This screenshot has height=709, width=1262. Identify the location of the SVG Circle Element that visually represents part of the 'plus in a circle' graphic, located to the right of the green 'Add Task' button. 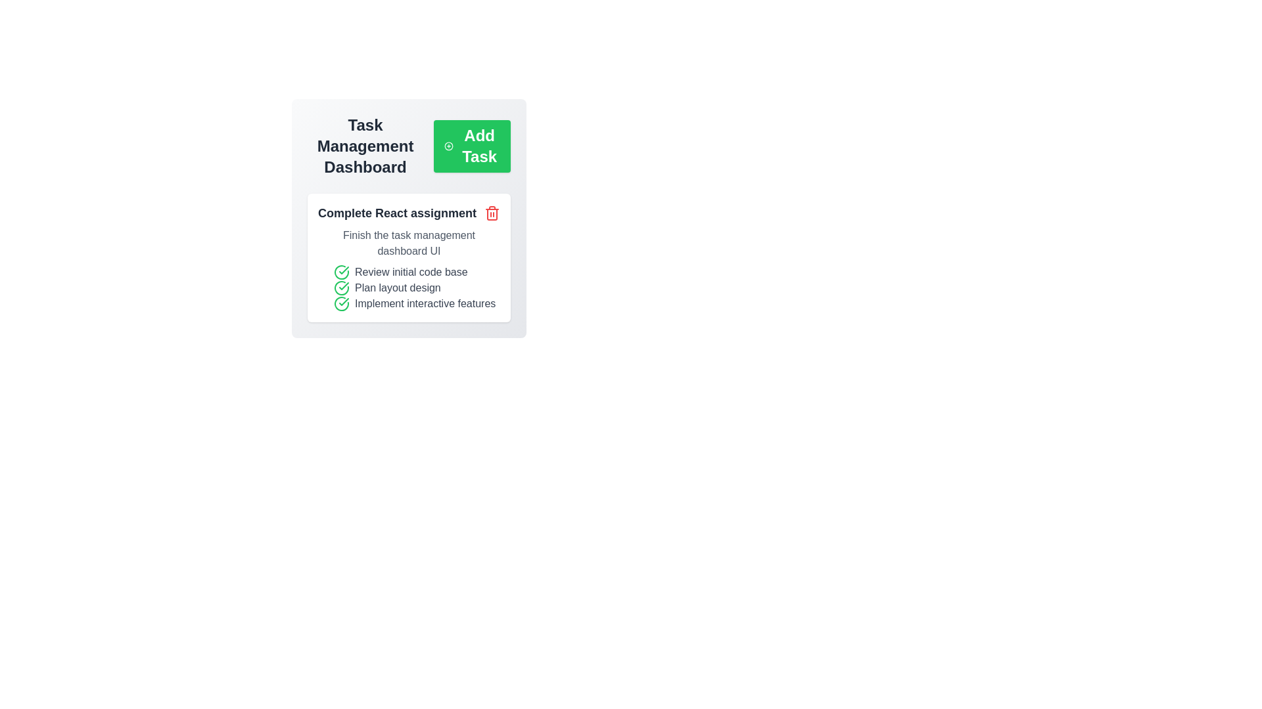
(449, 146).